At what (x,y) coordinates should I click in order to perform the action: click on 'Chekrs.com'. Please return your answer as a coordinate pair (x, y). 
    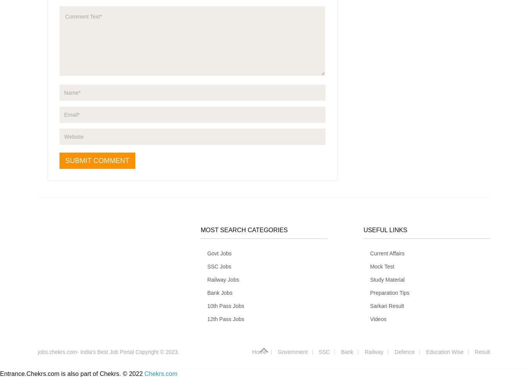
    Looking at the image, I should click on (160, 373).